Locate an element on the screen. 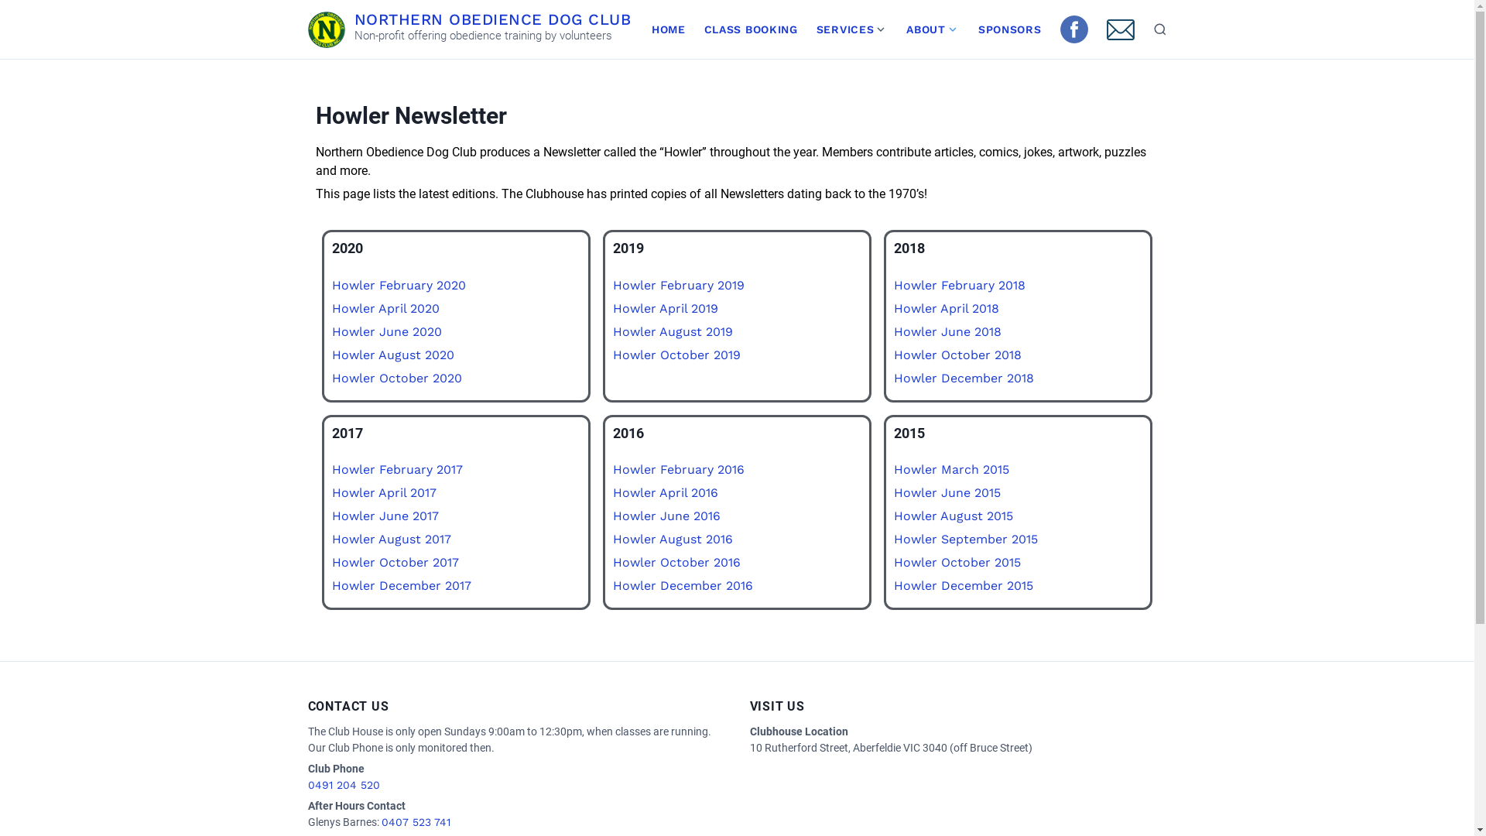 The image size is (1486, 836). 'NORTHERN OBEDIENCE DOG CLUB' is located at coordinates (492, 18).